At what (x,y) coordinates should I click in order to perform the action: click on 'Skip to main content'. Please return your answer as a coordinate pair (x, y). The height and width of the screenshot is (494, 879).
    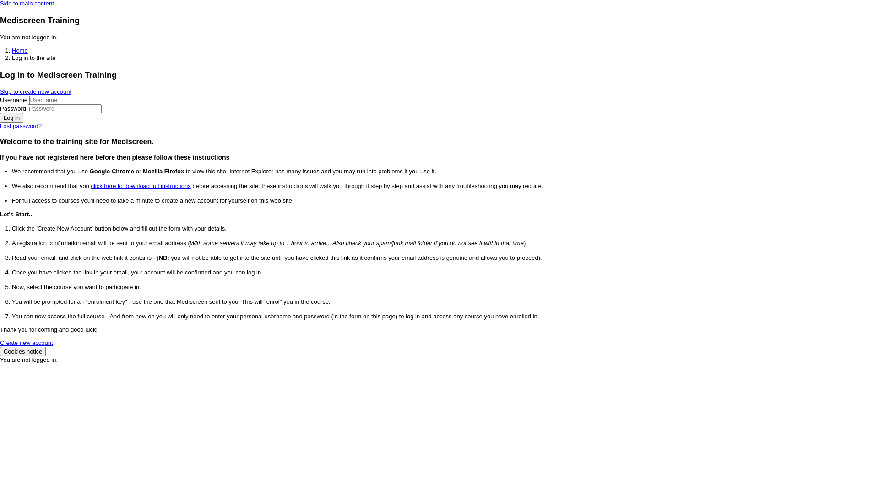
    Looking at the image, I should click on (27, 3).